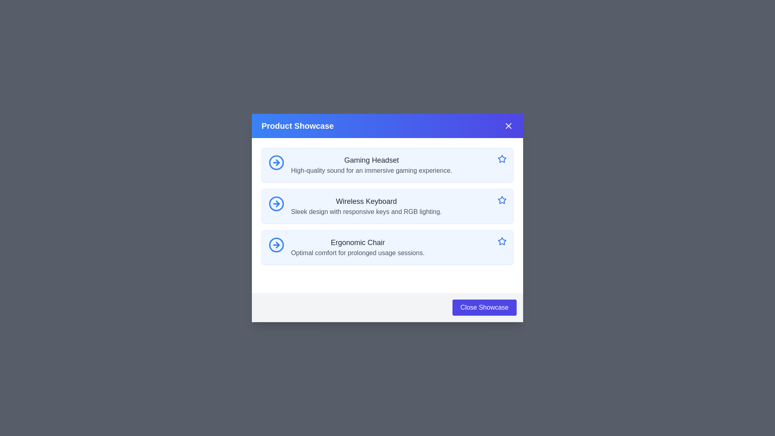 This screenshot has width=775, height=436. I want to click on the circle-arrow-right icon indicating the next action, located inside the second item of the product showcase next to 'Wireless Keyboard', so click(278, 203).